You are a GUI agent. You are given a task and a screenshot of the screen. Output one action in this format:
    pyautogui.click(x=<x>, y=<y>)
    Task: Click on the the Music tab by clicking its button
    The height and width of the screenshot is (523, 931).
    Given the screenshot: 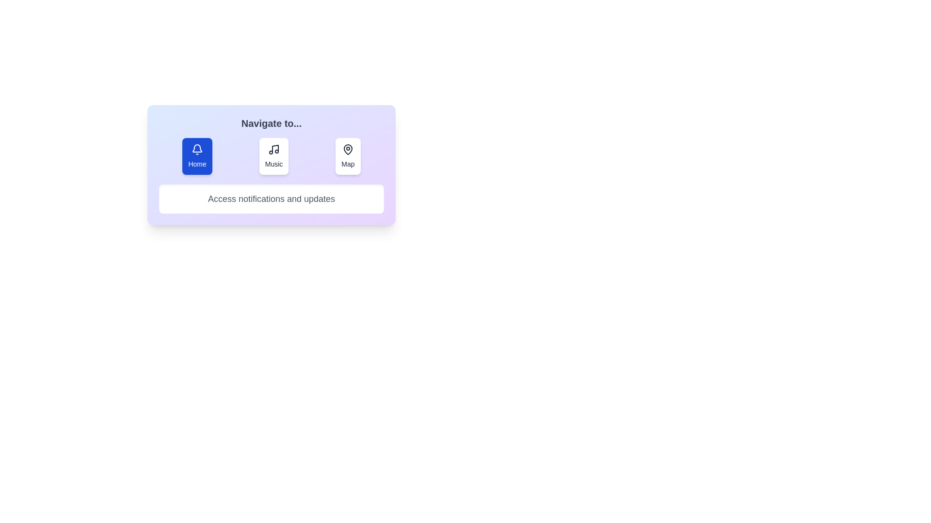 What is the action you would take?
    pyautogui.click(x=273, y=156)
    